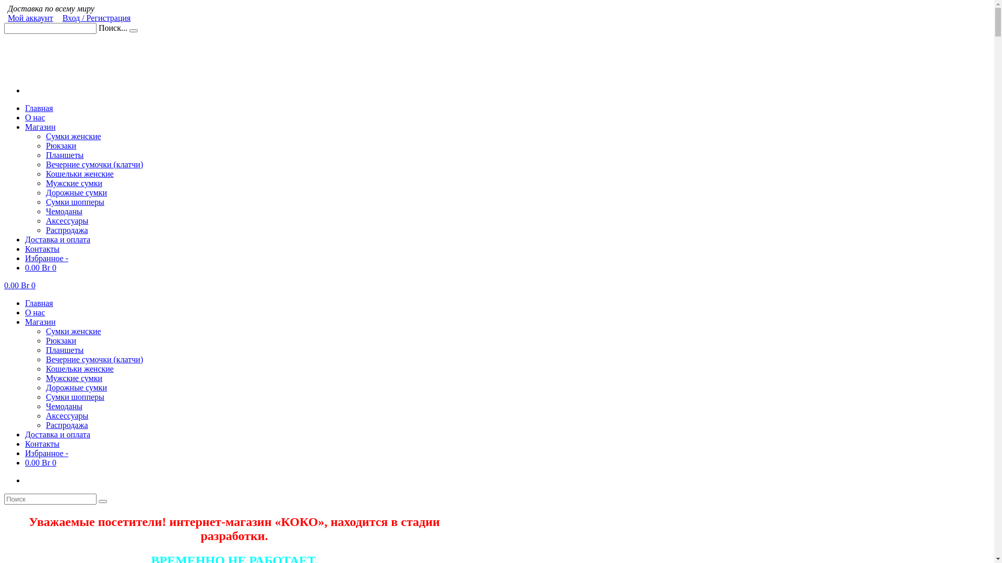 This screenshot has height=563, width=1002. I want to click on '0.00 Br 0', so click(20, 285).